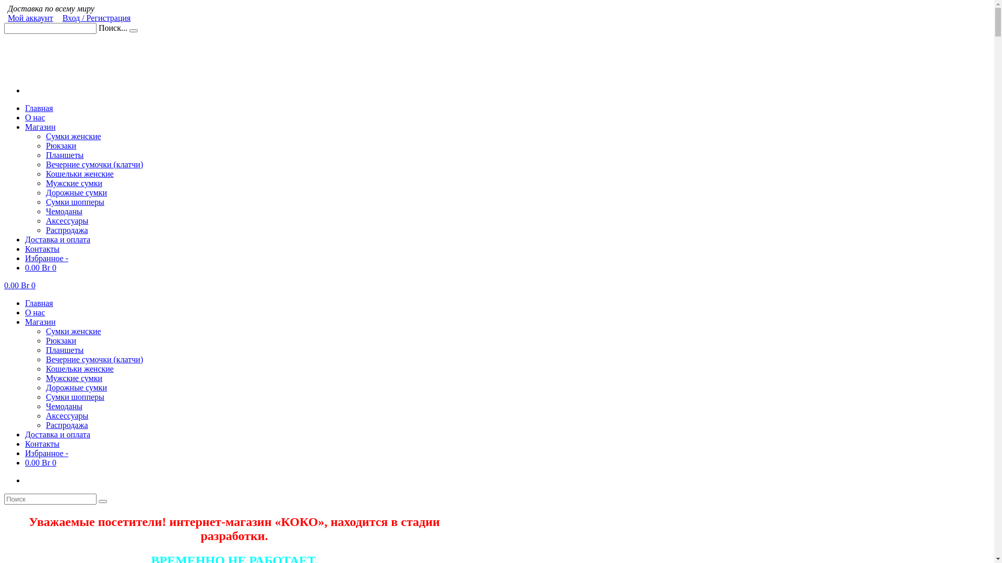 This screenshot has height=563, width=1002. I want to click on '0.00 Br 0', so click(20, 285).